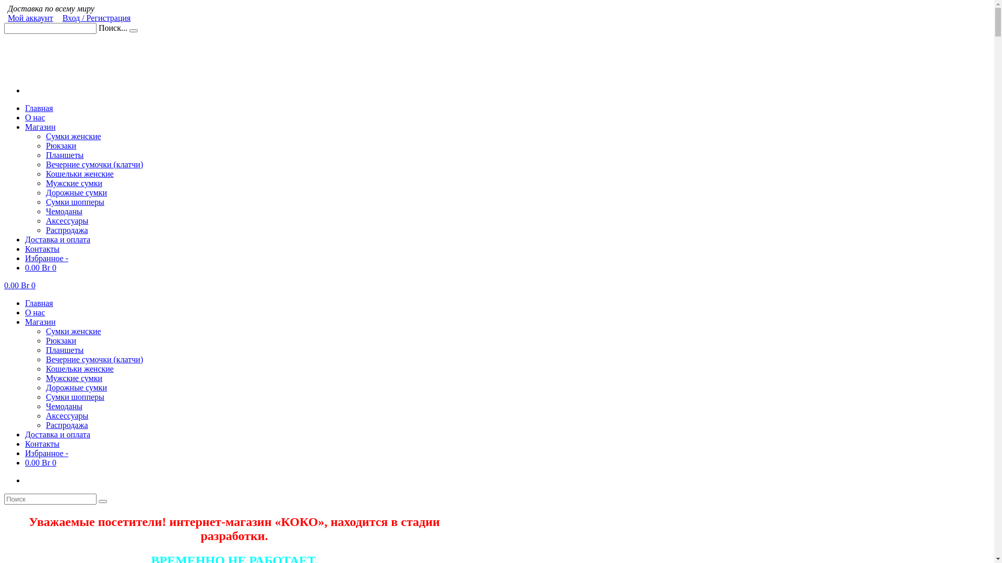 This screenshot has height=563, width=1002. I want to click on '0.00 Br 0', so click(20, 285).